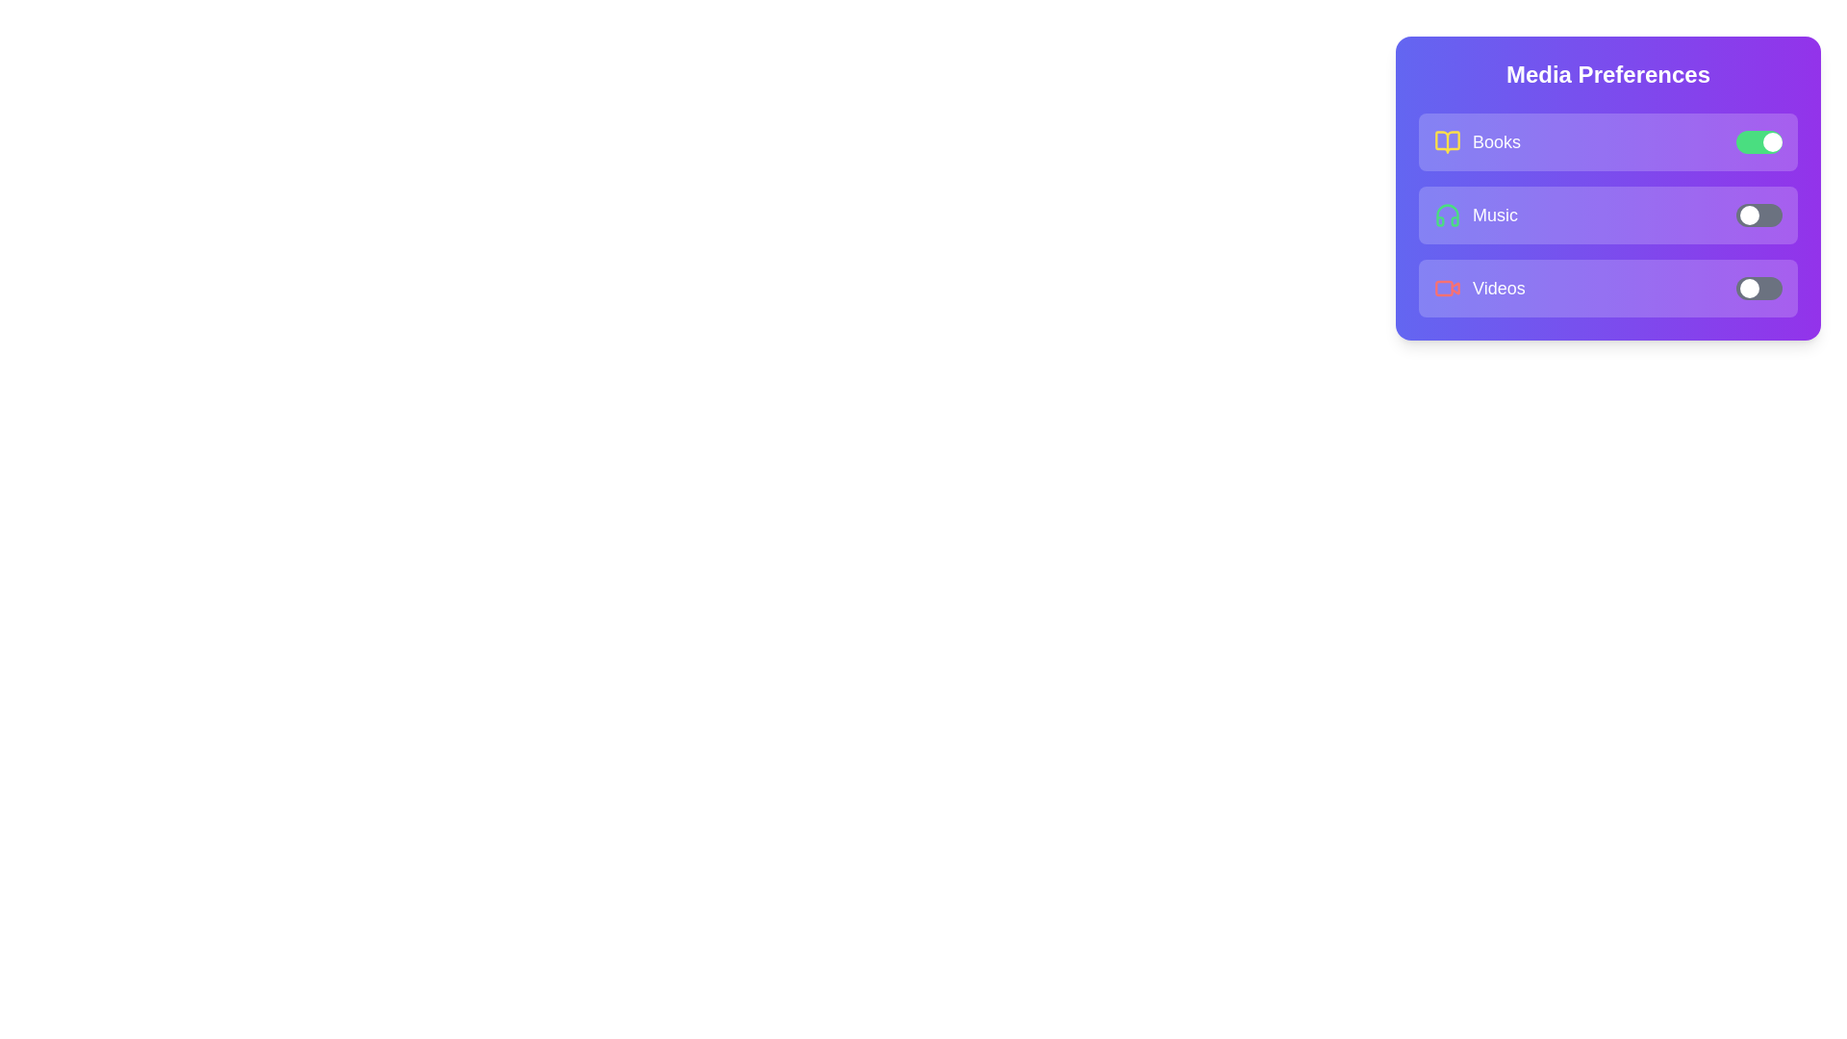  What do you see at coordinates (1448, 215) in the screenshot?
I see `the Decorative Icon resembling a pair of headphones with a green outline located in the 'Music' preference section, positioned to the left of the text 'Music'` at bounding box center [1448, 215].